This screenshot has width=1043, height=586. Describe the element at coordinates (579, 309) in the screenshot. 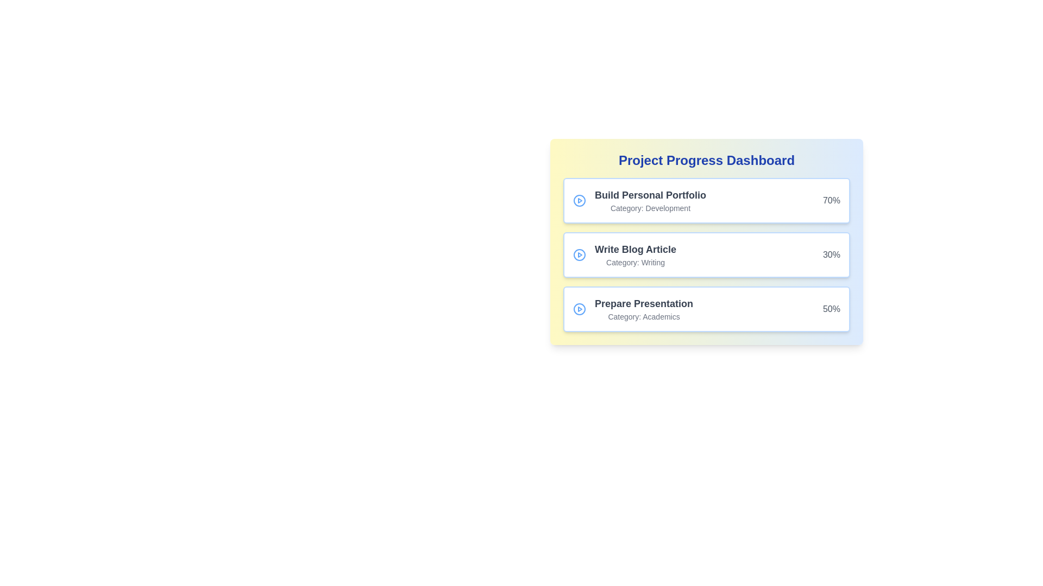

I see `the SVG Circle Element that serves as part of the play button icon, located in the second row of the list, to the left of 'Build Personal Portfolio' and 'Write Blog Article'` at that location.